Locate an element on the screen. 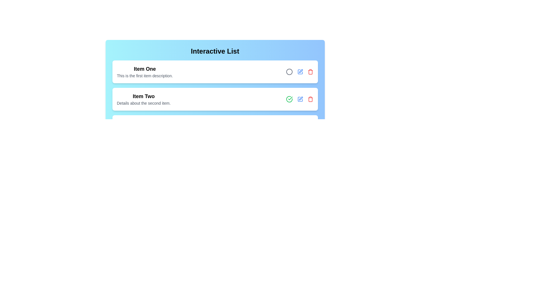  the toggle icon of the item with name Item One is located at coordinates (289, 71).